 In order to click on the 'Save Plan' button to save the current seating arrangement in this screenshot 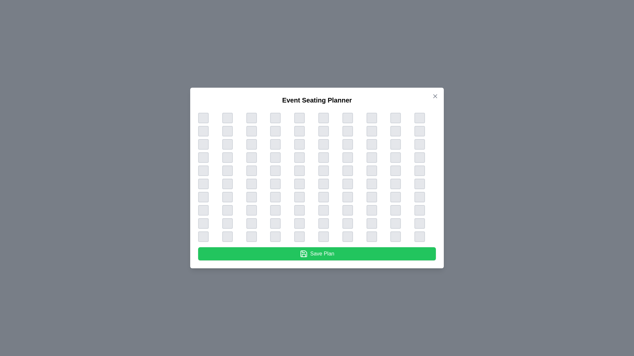, I will do `click(317, 253)`.